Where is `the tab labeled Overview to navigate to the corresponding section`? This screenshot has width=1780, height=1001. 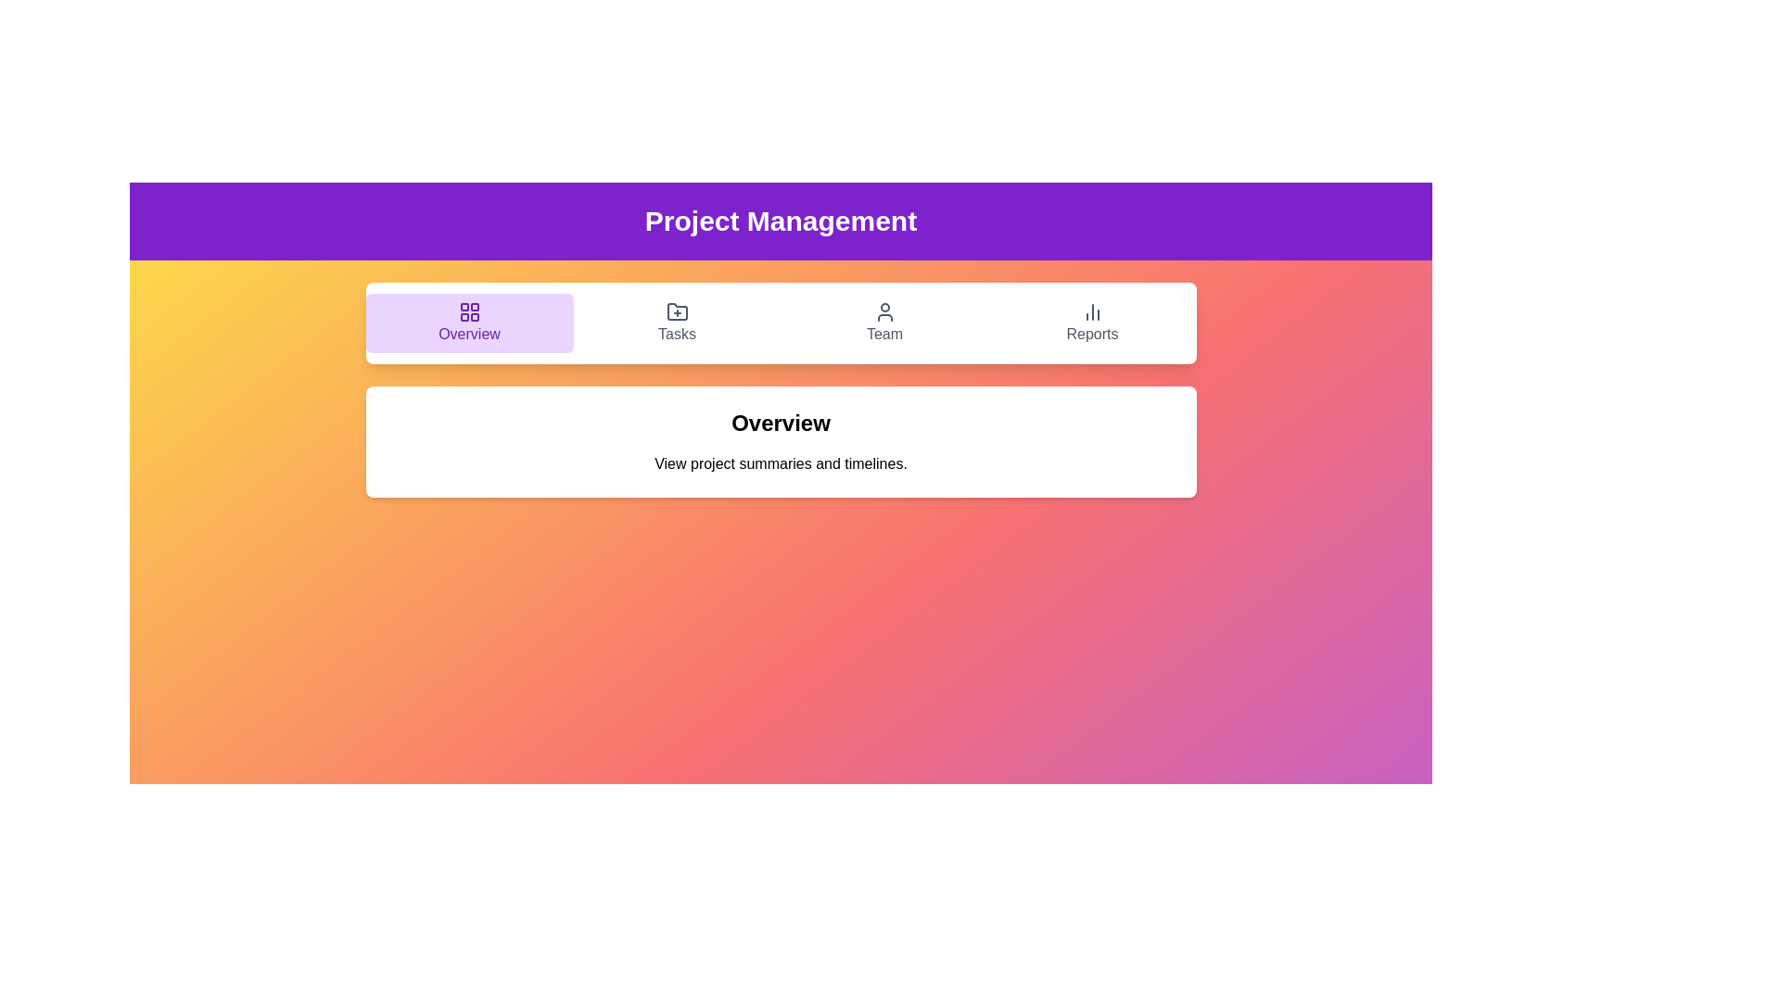
the tab labeled Overview to navigate to the corresponding section is located at coordinates (469, 322).